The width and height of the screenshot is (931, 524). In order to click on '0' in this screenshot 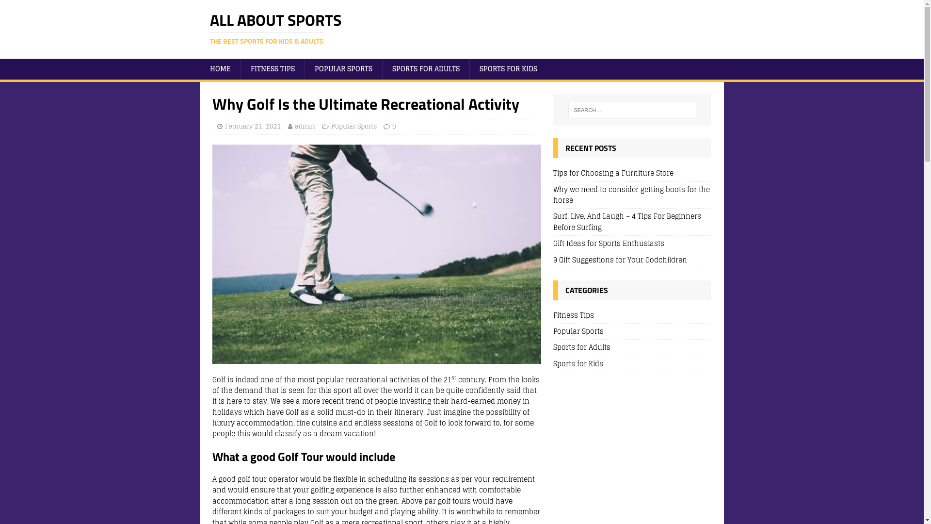, I will do `click(393, 126)`.